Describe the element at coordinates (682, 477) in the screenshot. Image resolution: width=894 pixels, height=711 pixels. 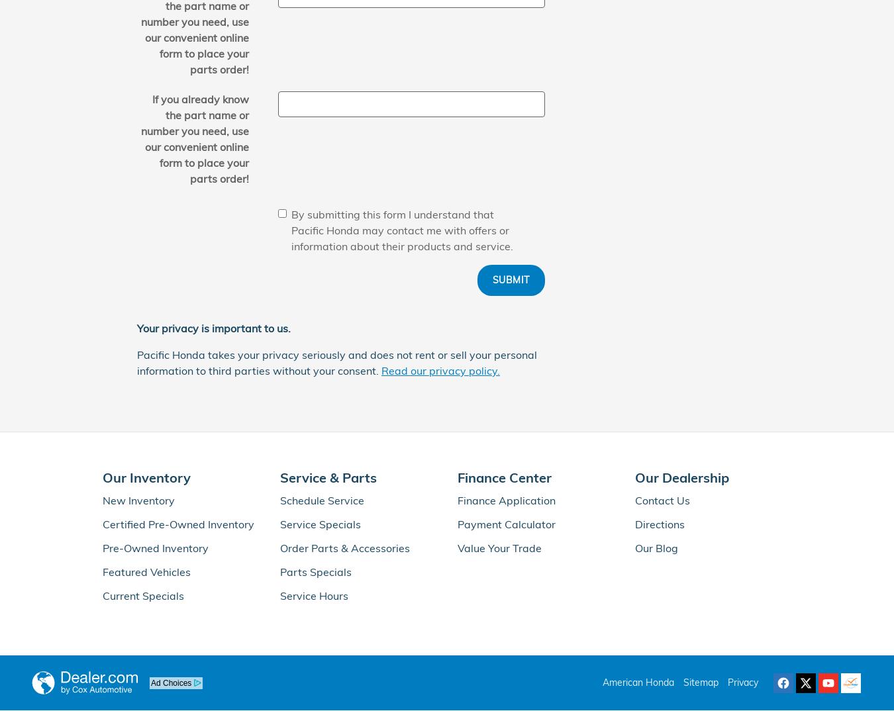
I see `'Our Dealership'` at that location.